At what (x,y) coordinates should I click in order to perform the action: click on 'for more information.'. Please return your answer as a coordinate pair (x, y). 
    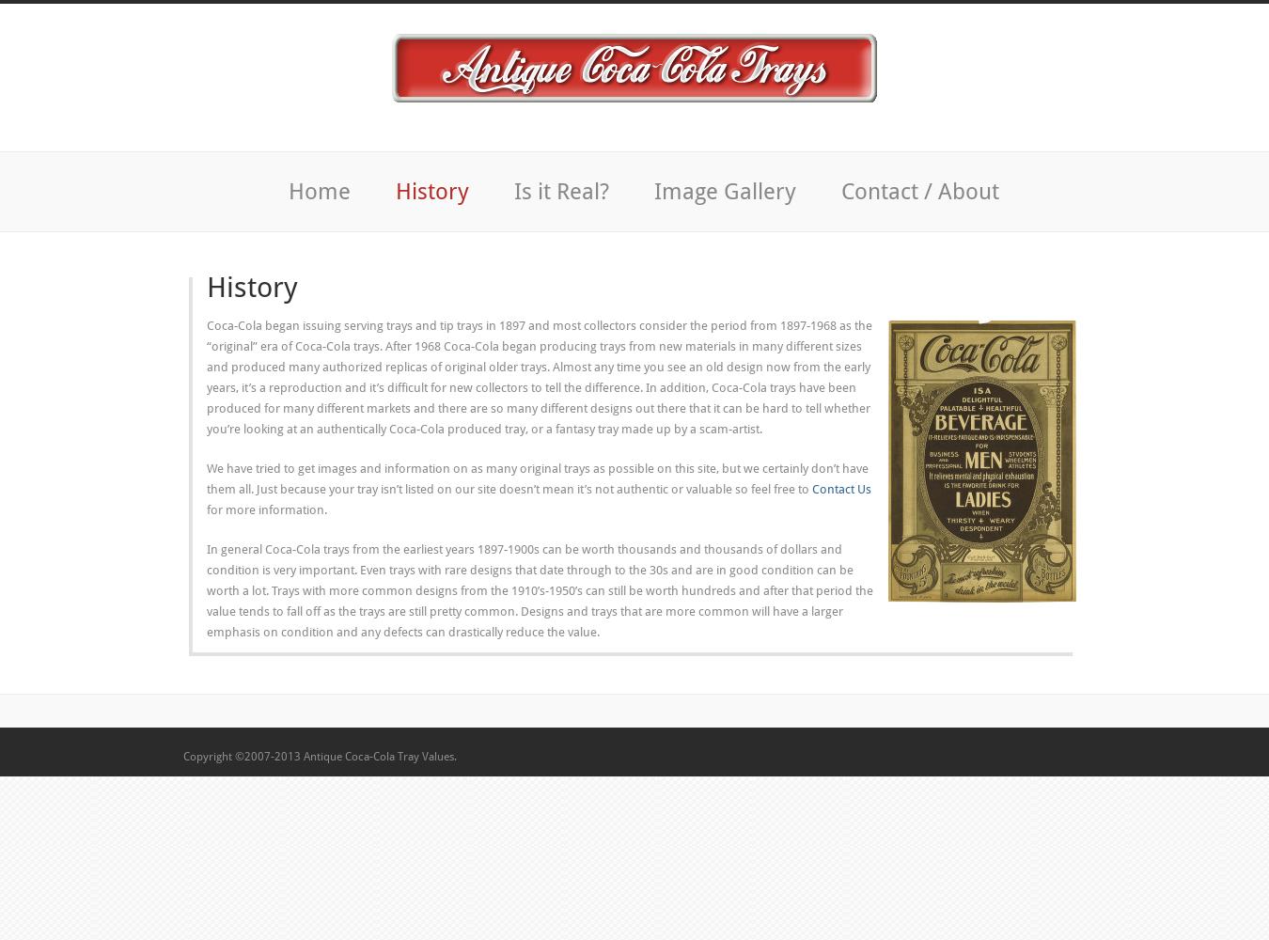
    Looking at the image, I should click on (266, 509).